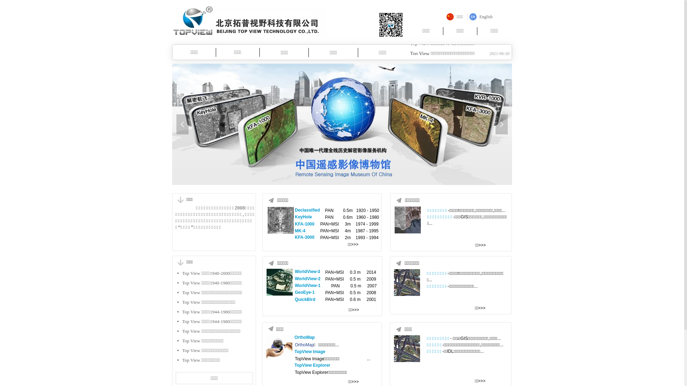  I want to click on 'TopView Explorer', so click(312, 365).